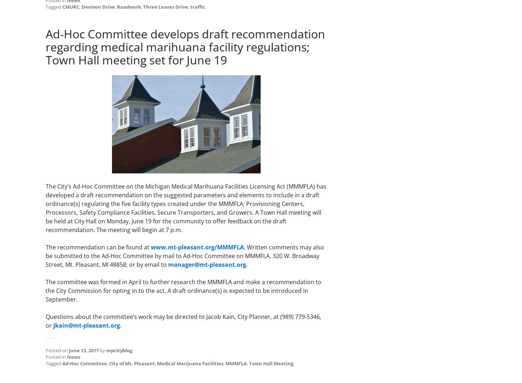 The image size is (522, 383). Describe the element at coordinates (183, 320) in the screenshot. I see `'Questions about the committee’s work may be directed to Jacob Kain, City Planner, at (989) 779-5346, or'` at that location.